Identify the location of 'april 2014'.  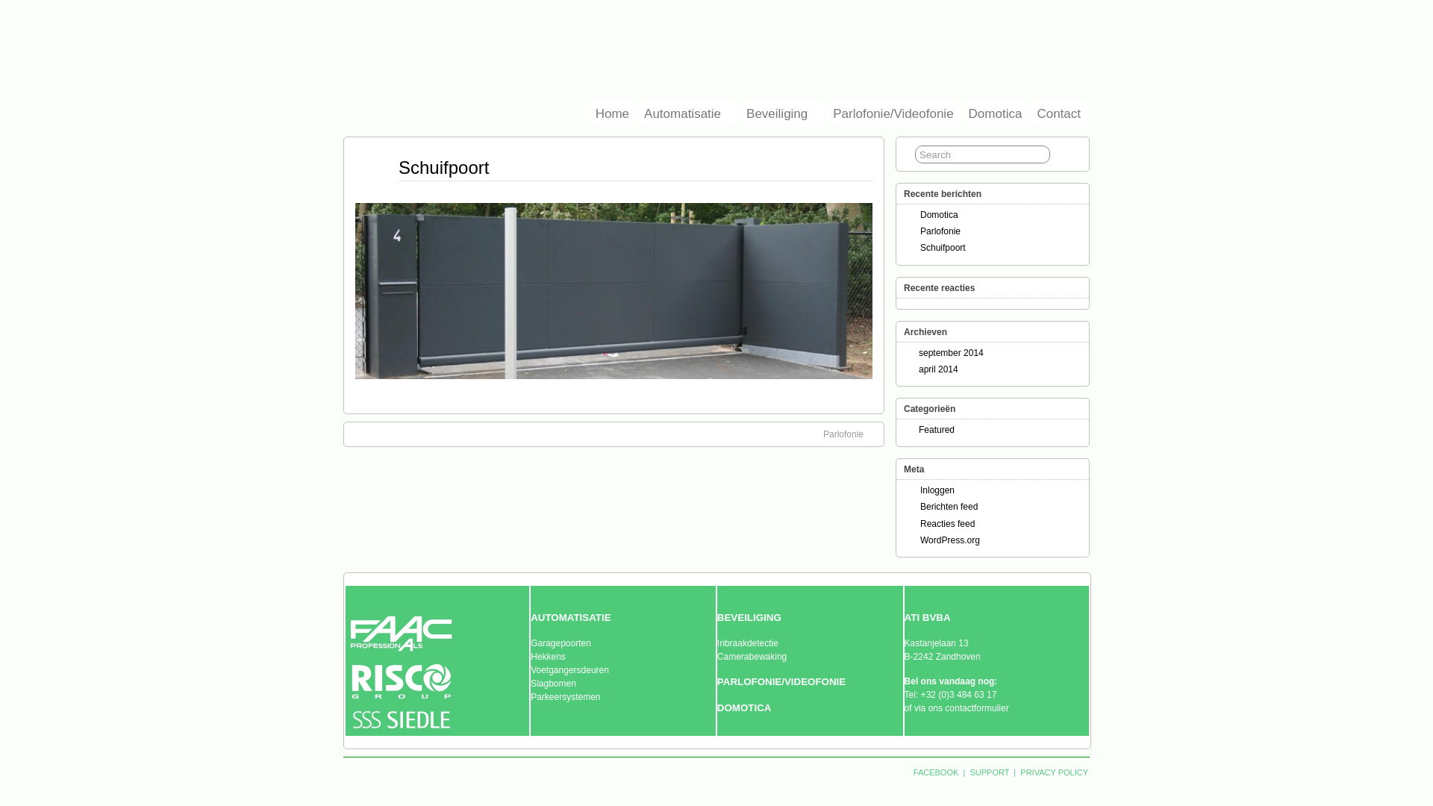
(937, 369).